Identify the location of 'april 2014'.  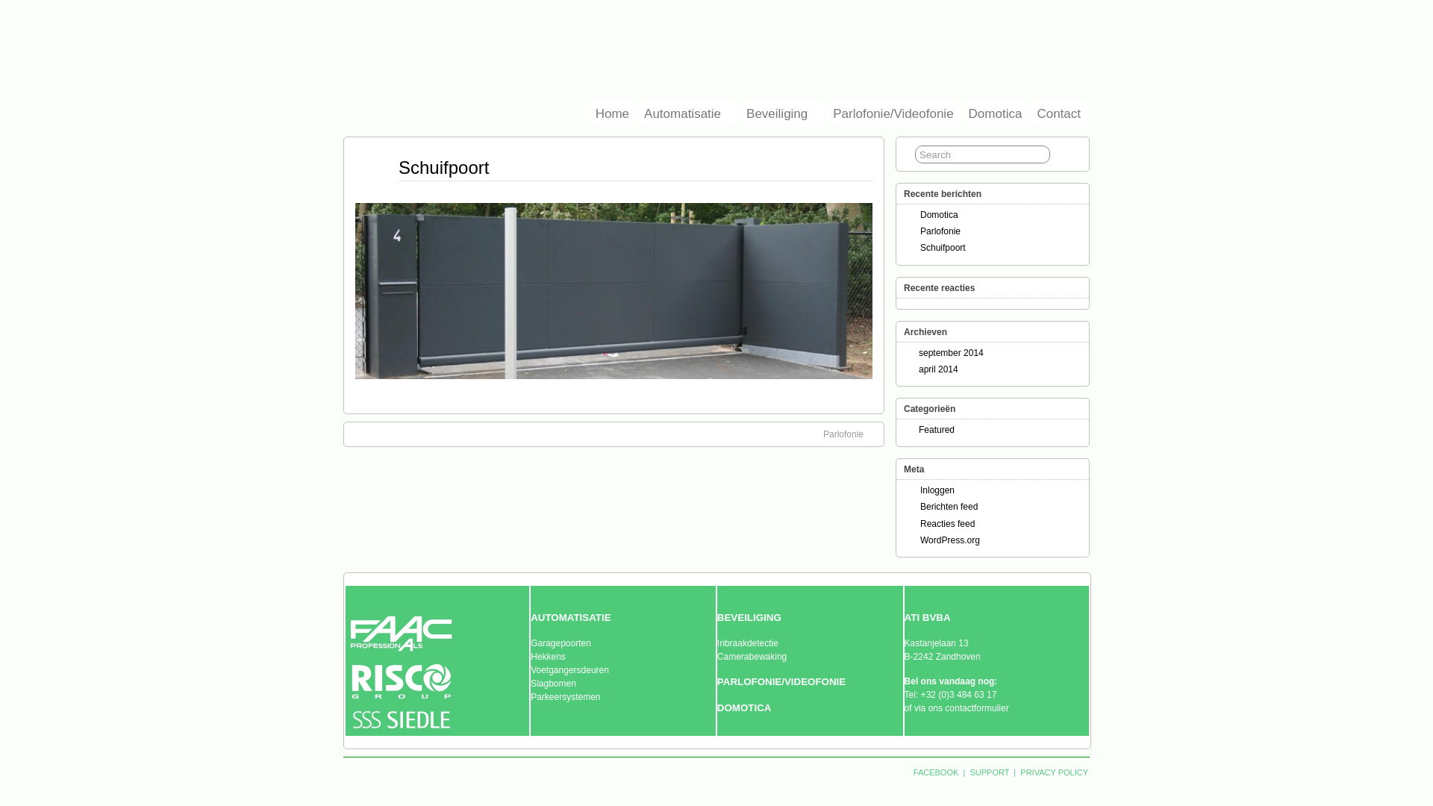
(937, 369).